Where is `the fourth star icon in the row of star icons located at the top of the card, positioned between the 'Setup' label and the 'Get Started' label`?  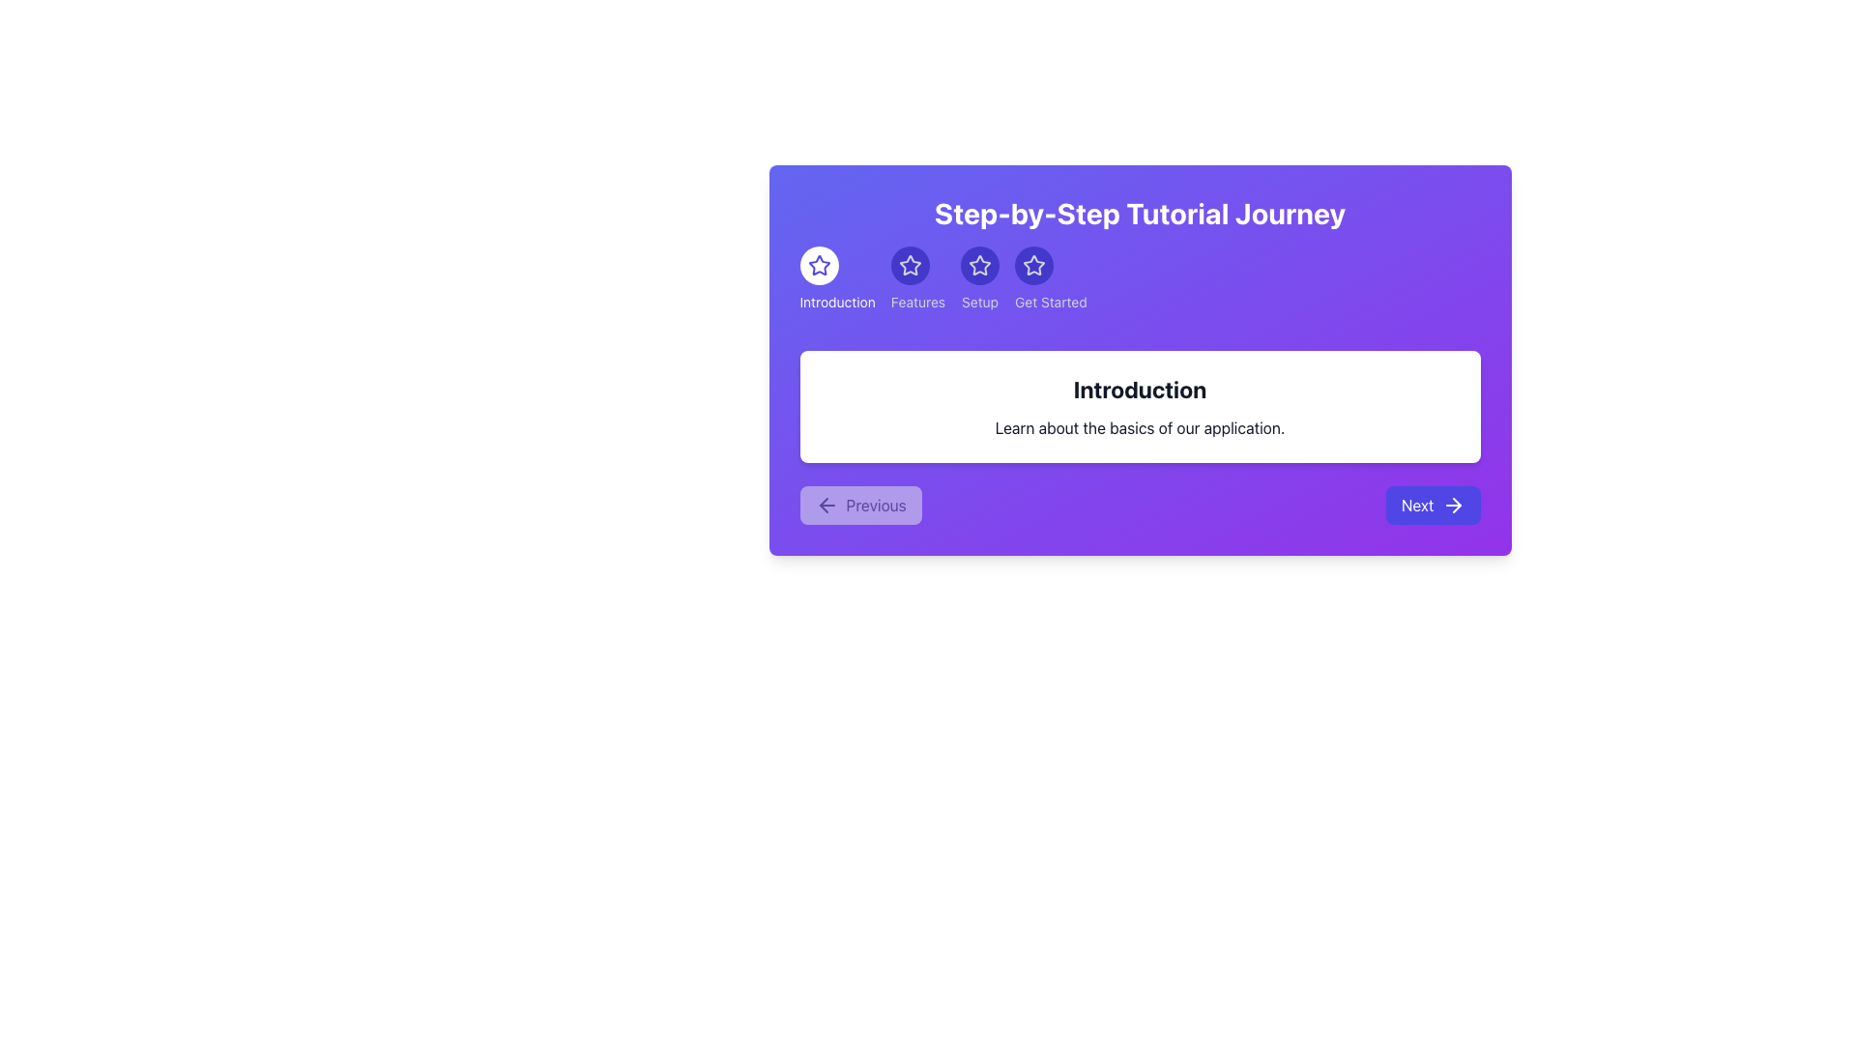
the fourth star icon in the row of star icons located at the top of the card, positioned between the 'Setup' label and the 'Get Started' label is located at coordinates (1033, 265).